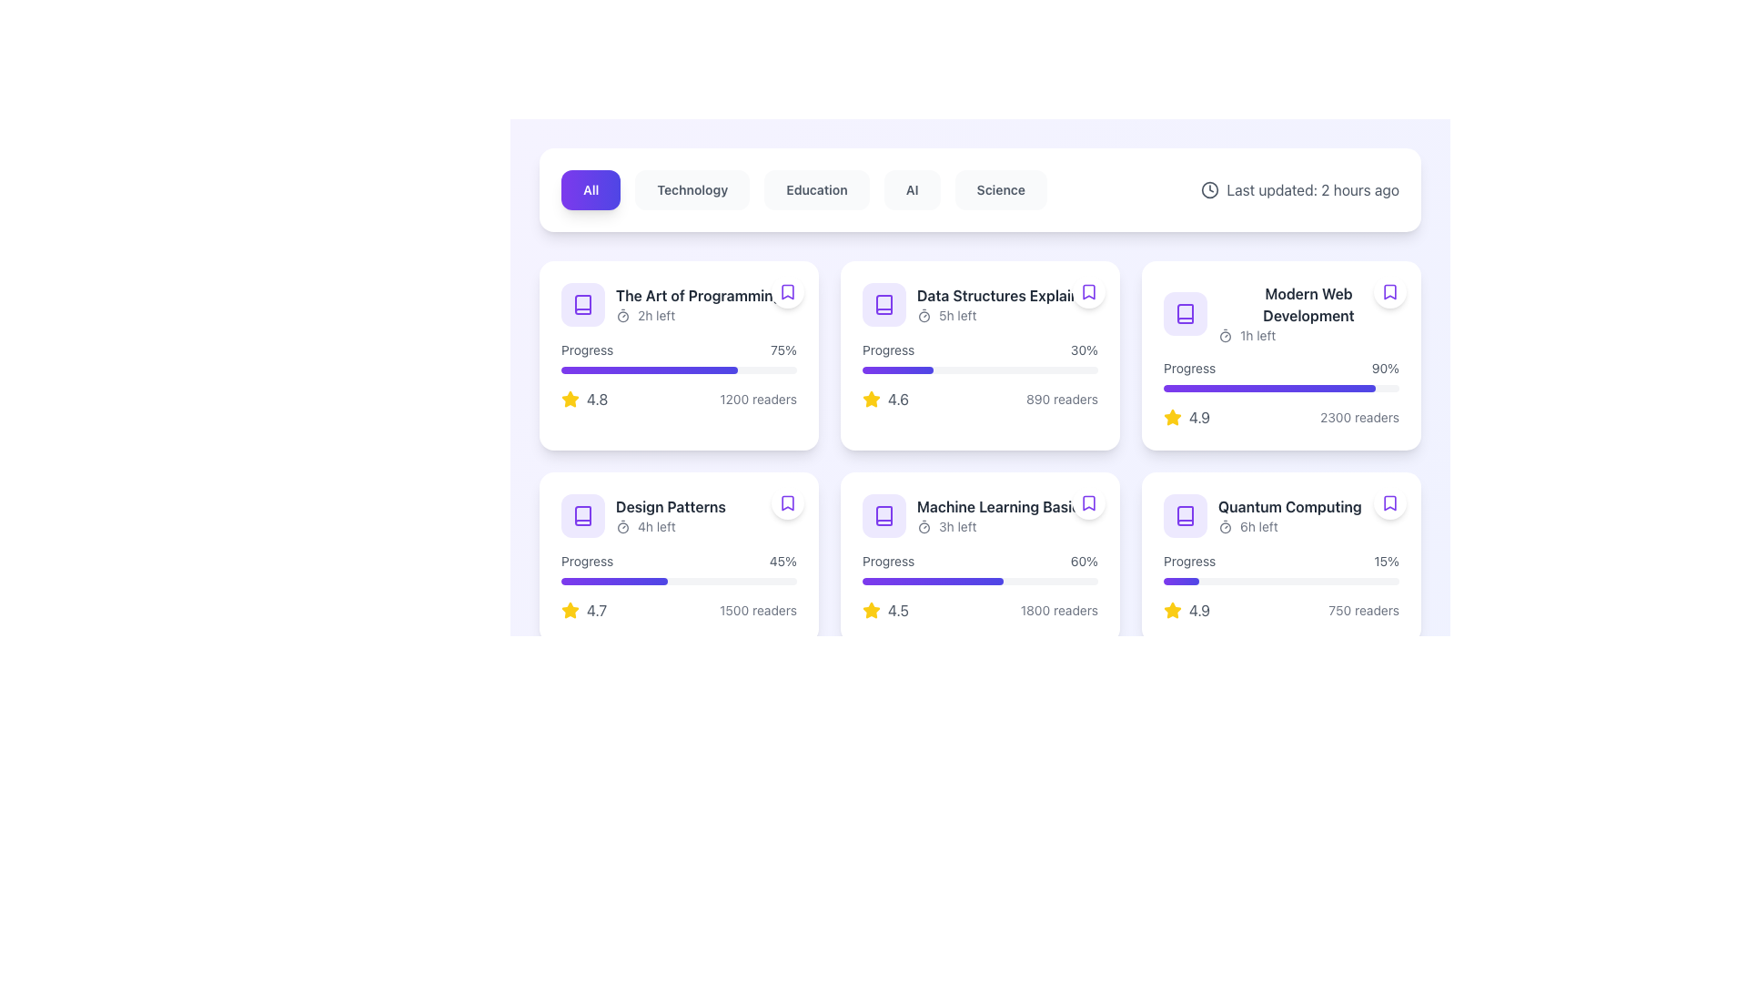 The height and width of the screenshot is (983, 1747). I want to click on title 'Machine Learning Basics' and the timing information '3h left' from the text label located inside a white card with rounded corners in the second row and third column of the grid, so click(1001, 516).